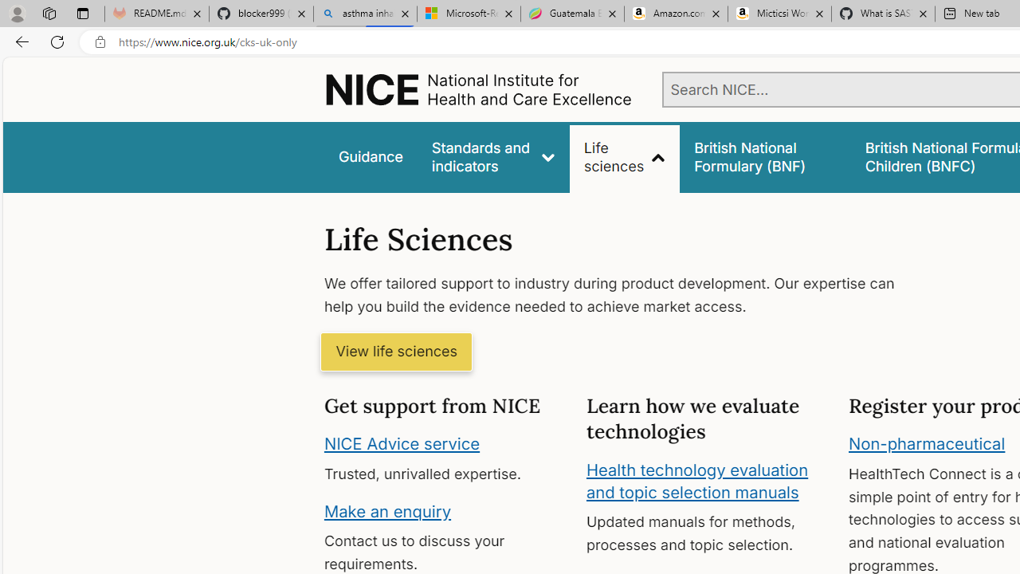 Image resolution: width=1020 pixels, height=574 pixels. I want to click on 'View life sciences', so click(396, 352).